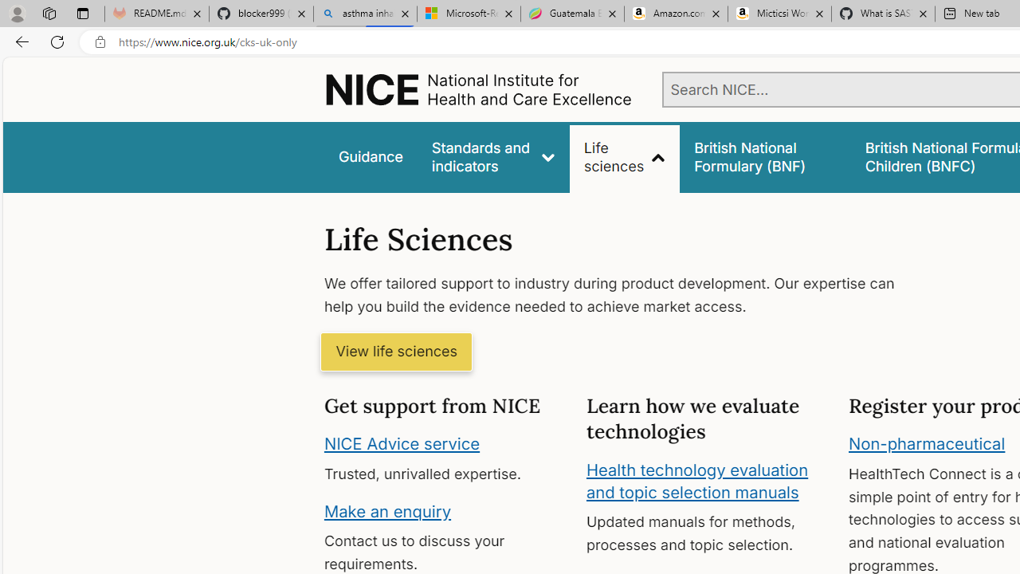 Image resolution: width=1020 pixels, height=574 pixels. I want to click on 'View life sciences', so click(396, 352).